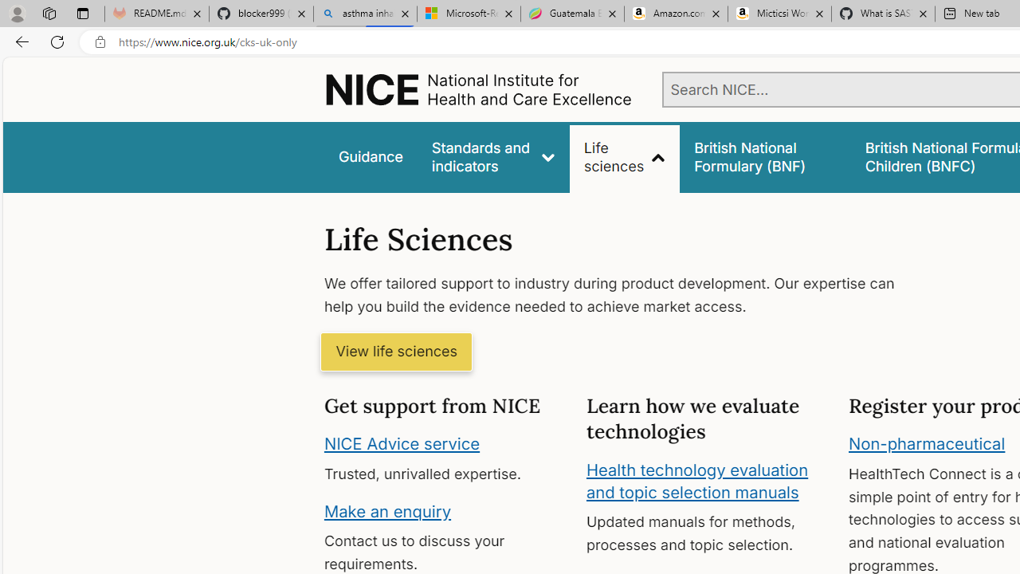 Image resolution: width=1020 pixels, height=574 pixels. I want to click on 'View life sciences', so click(396, 352).